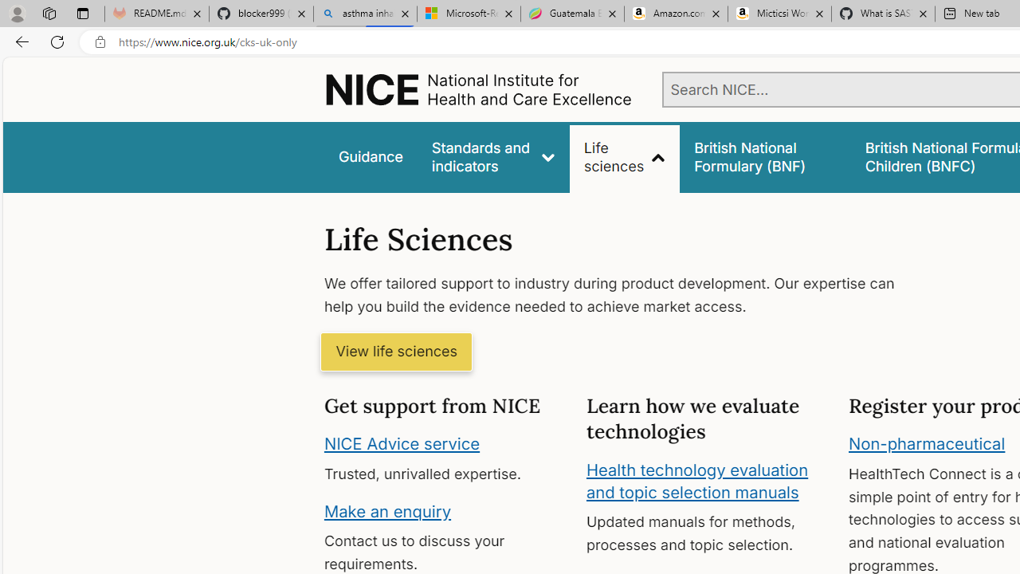 Image resolution: width=1020 pixels, height=574 pixels. I want to click on 'View life sciences', so click(396, 352).